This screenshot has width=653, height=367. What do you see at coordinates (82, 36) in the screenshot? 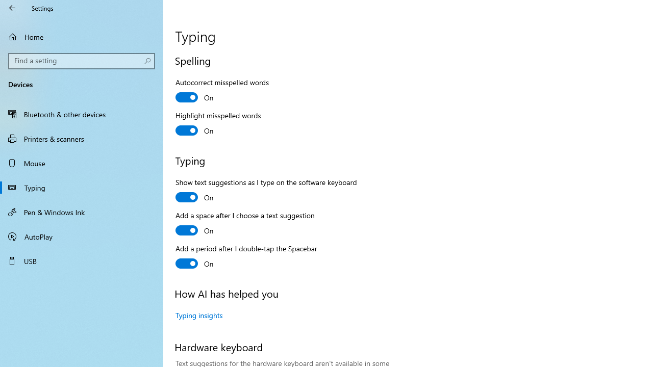
I see `'Home'` at bounding box center [82, 36].